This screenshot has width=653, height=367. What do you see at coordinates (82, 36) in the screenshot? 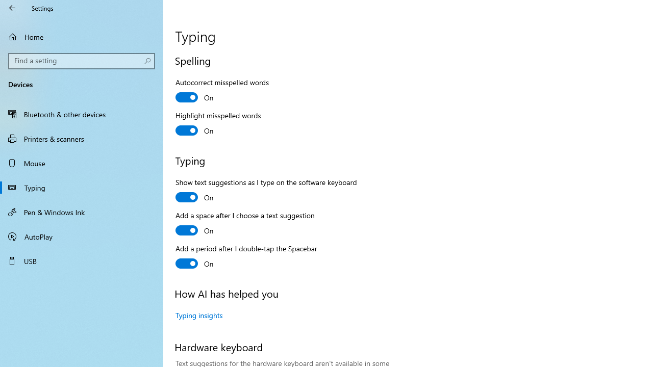
I see `'Home'` at bounding box center [82, 36].